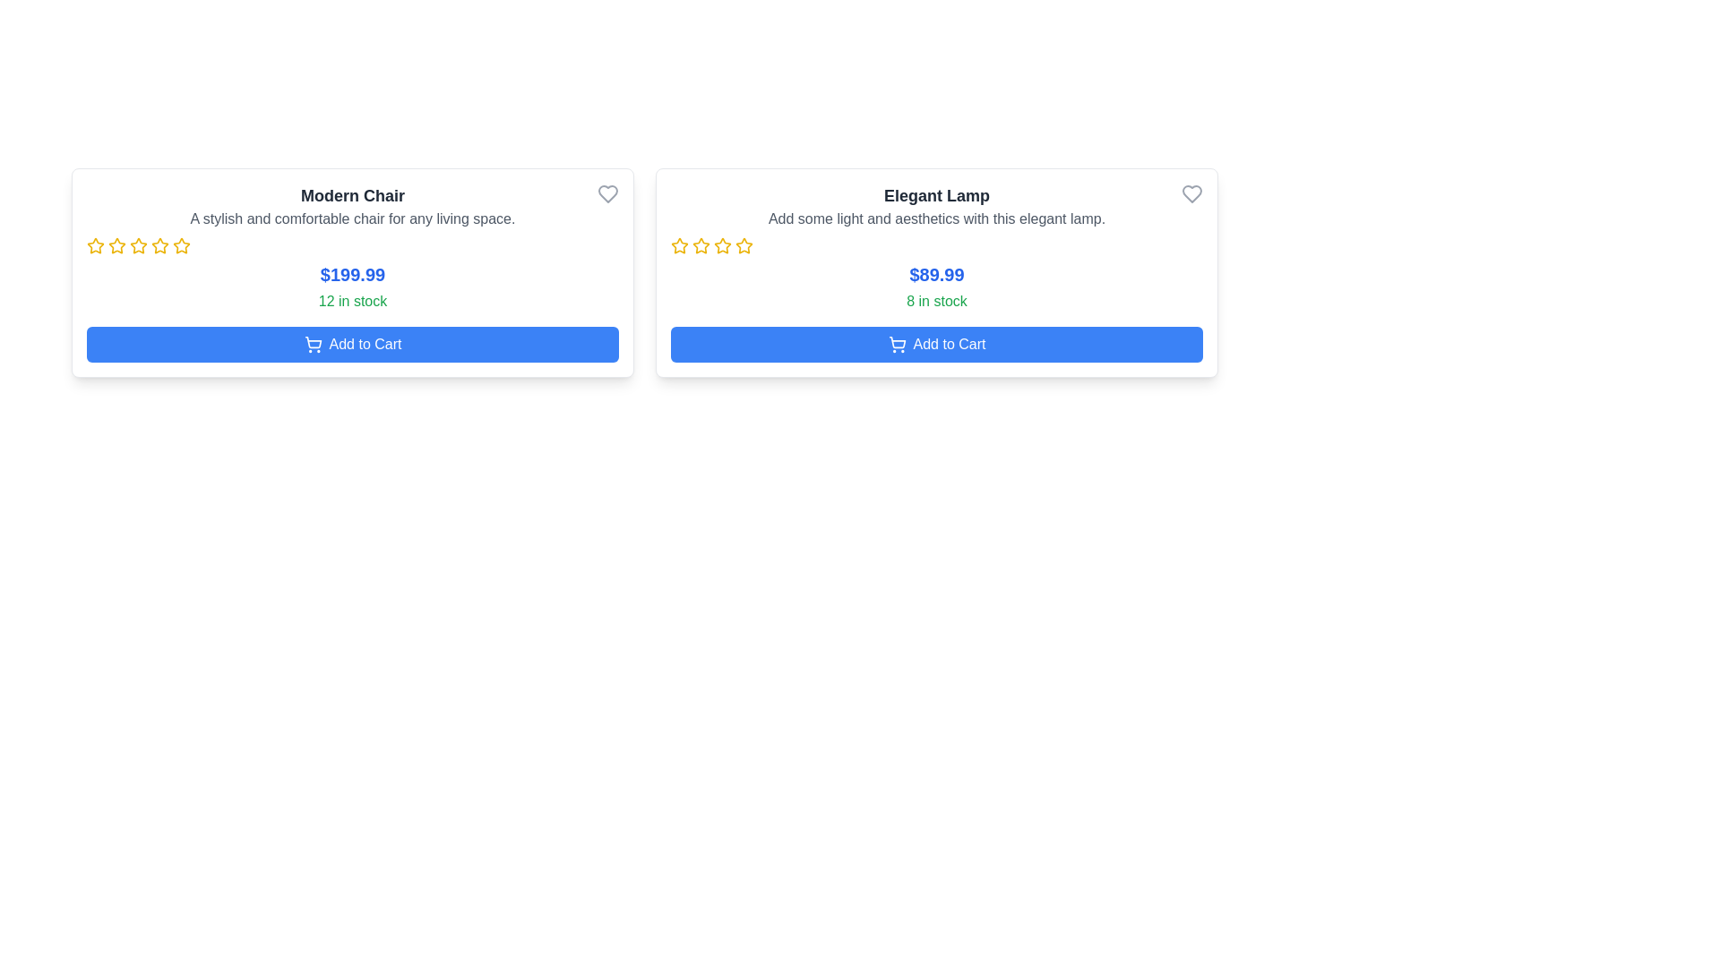 This screenshot has width=1720, height=967. What do you see at coordinates (159, 245) in the screenshot?
I see `the fifth yellow star icon in the rating system below the product title 'Modern Chair' and above the price information` at bounding box center [159, 245].